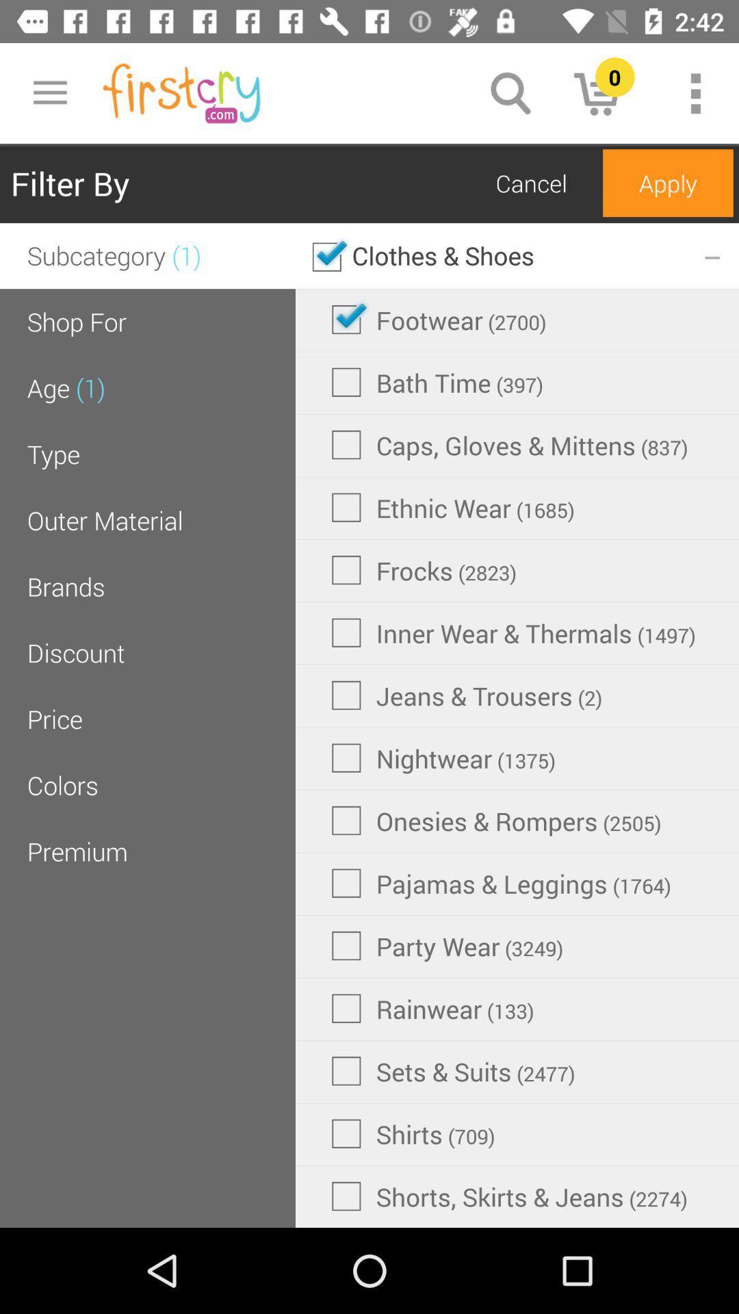 This screenshot has width=739, height=1314. What do you see at coordinates (501, 883) in the screenshot?
I see `item above party wear (3249)` at bounding box center [501, 883].